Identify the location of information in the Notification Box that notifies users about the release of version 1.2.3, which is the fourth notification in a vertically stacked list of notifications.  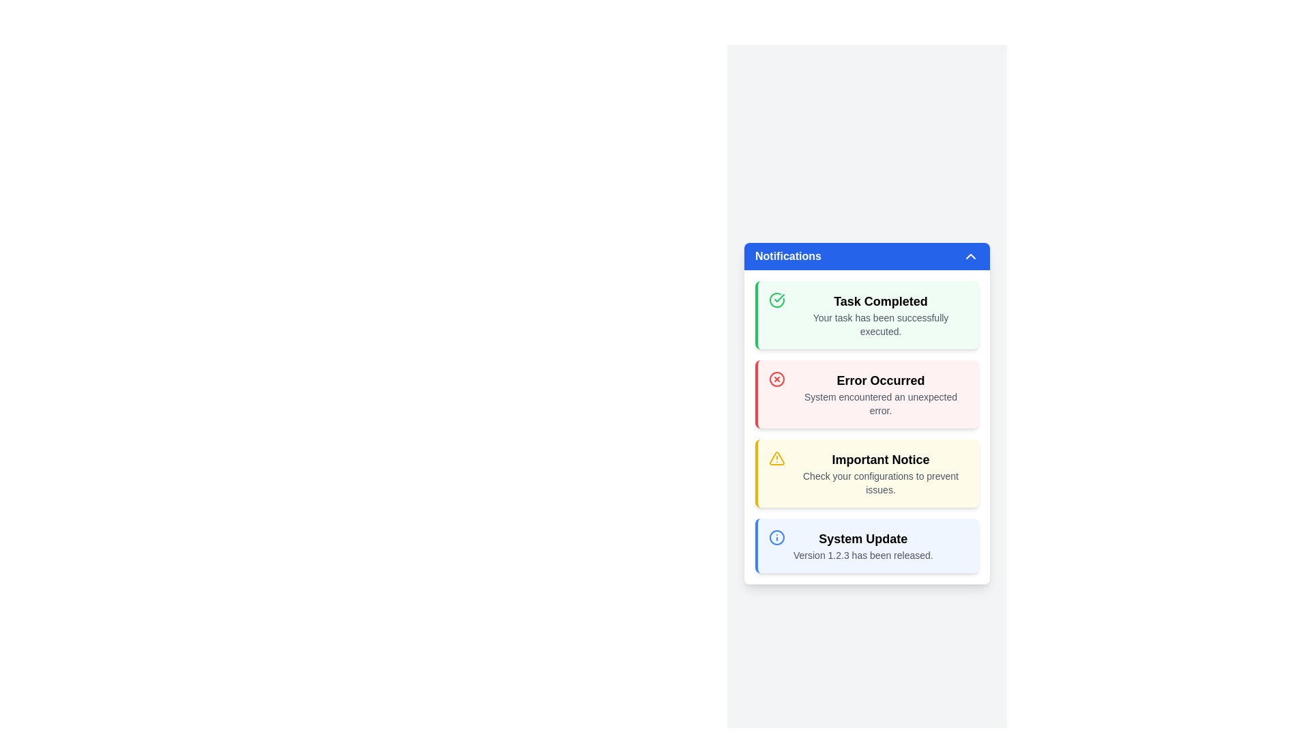
(867, 545).